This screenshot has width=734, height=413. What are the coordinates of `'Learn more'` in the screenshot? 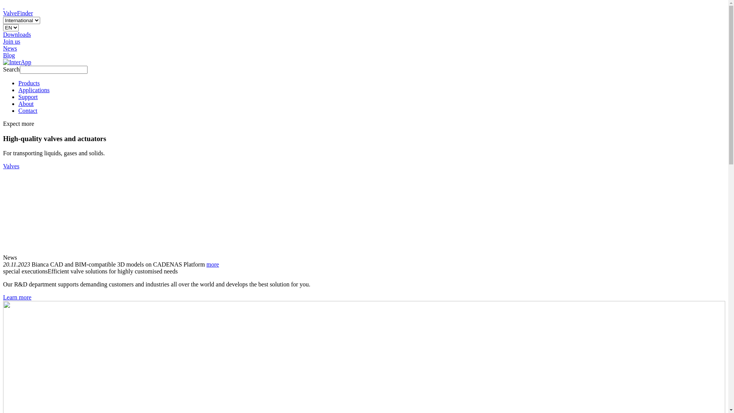 It's located at (17, 297).